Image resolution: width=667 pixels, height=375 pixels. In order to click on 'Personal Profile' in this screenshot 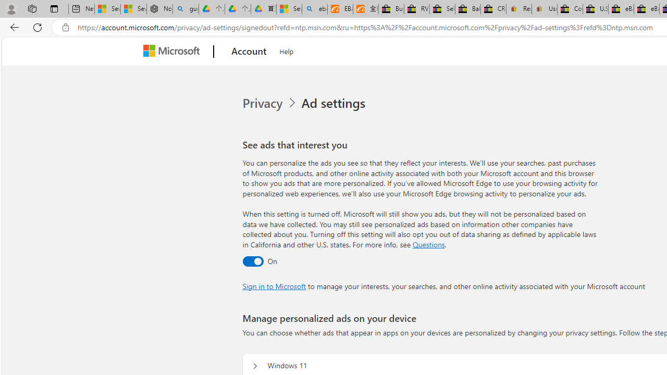, I will do `click(11, 8)`.